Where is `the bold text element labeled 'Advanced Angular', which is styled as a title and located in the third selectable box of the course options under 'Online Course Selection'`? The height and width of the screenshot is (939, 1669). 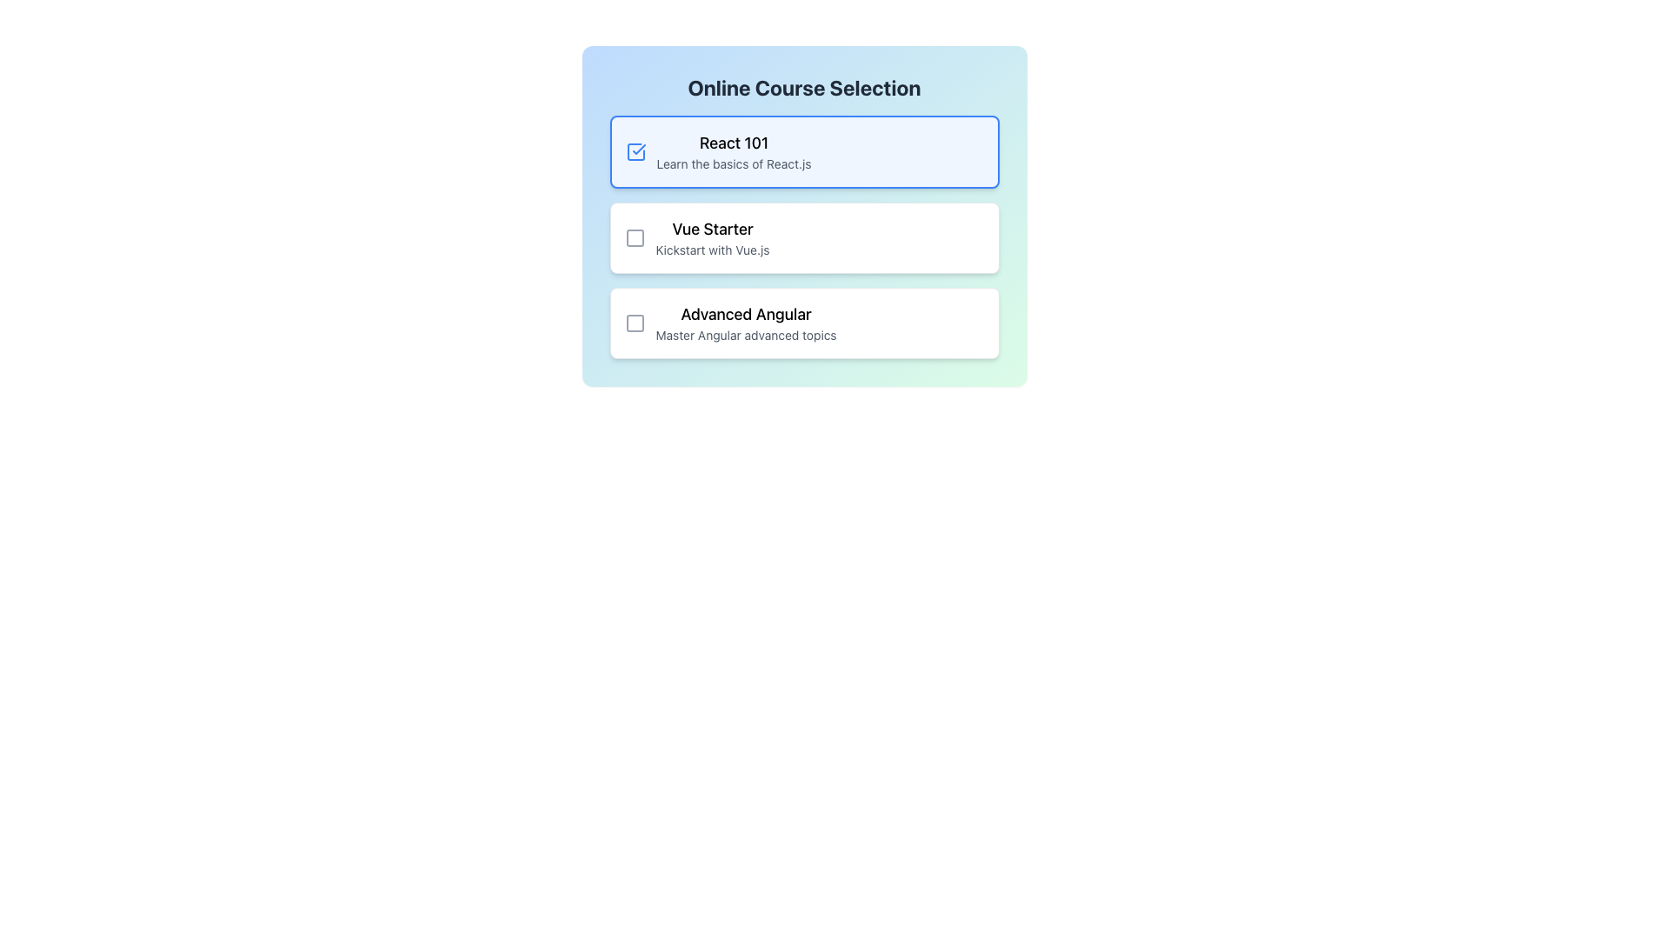
the bold text element labeled 'Advanced Angular', which is styled as a title and located in the third selectable box of the course options under 'Online Course Selection' is located at coordinates (746, 315).